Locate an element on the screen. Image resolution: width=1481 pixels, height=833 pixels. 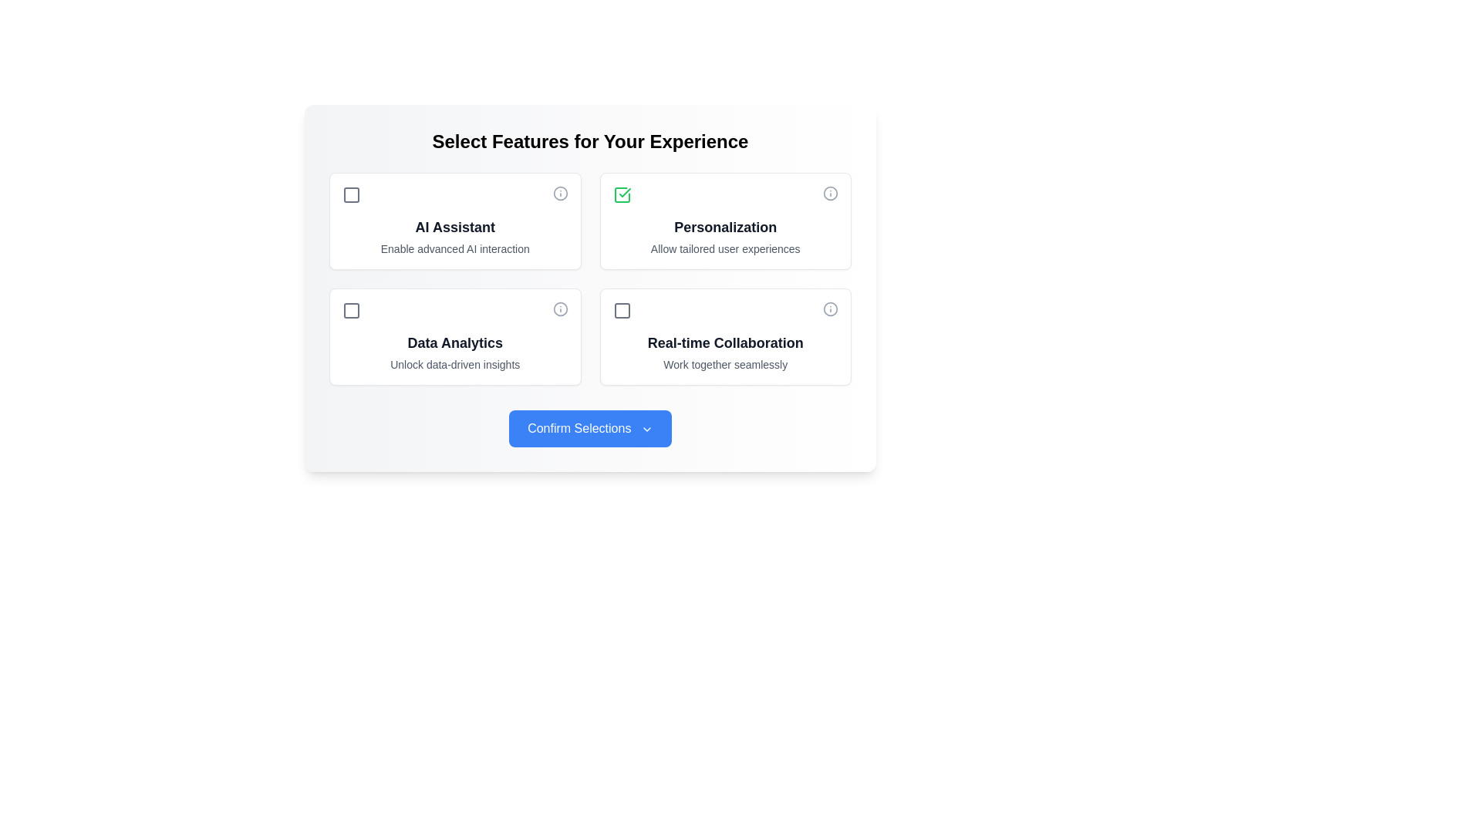
the bold, large-font header text labeled 'Personalization' in dark gray, located in the top-right section of the feature selection grid, which is directly above the description text 'Allow tailored user experiences' is located at coordinates (724, 227).